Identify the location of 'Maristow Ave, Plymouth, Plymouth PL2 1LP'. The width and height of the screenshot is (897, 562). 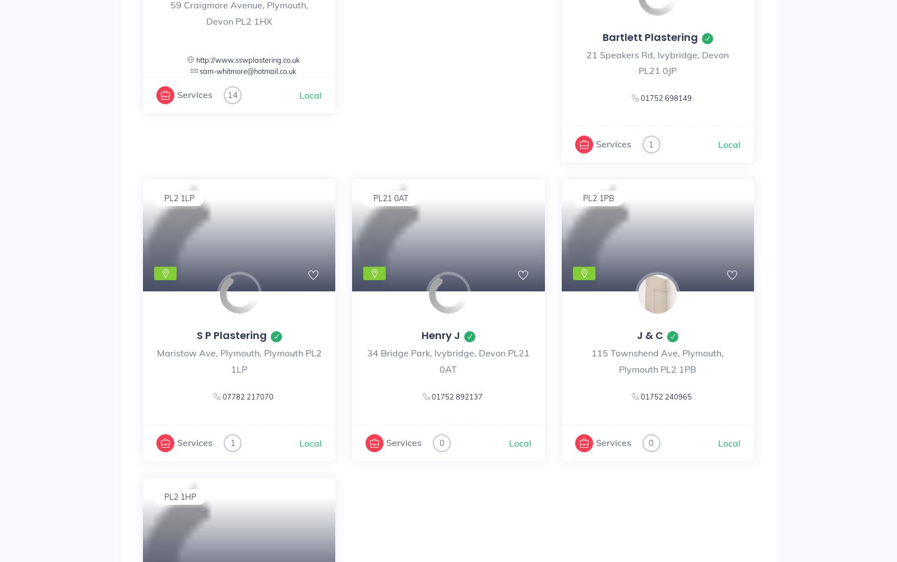
(238, 361).